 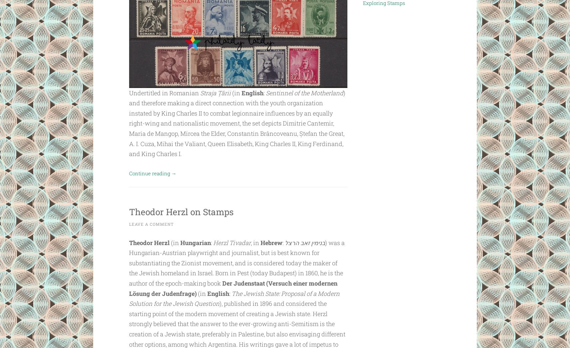 What do you see at coordinates (128, 173) in the screenshot?
I see `'Continue reading'` at bounding box center [128, 173].